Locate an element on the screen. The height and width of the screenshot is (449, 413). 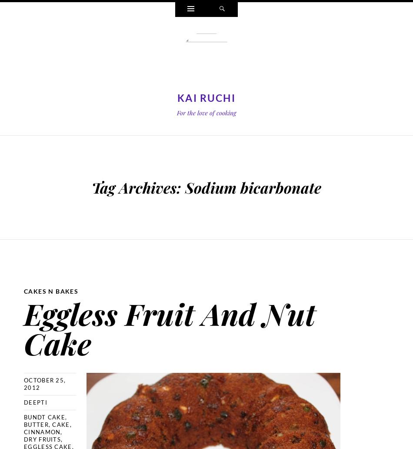
'cinnamon' is located at coordinates (42, 431).